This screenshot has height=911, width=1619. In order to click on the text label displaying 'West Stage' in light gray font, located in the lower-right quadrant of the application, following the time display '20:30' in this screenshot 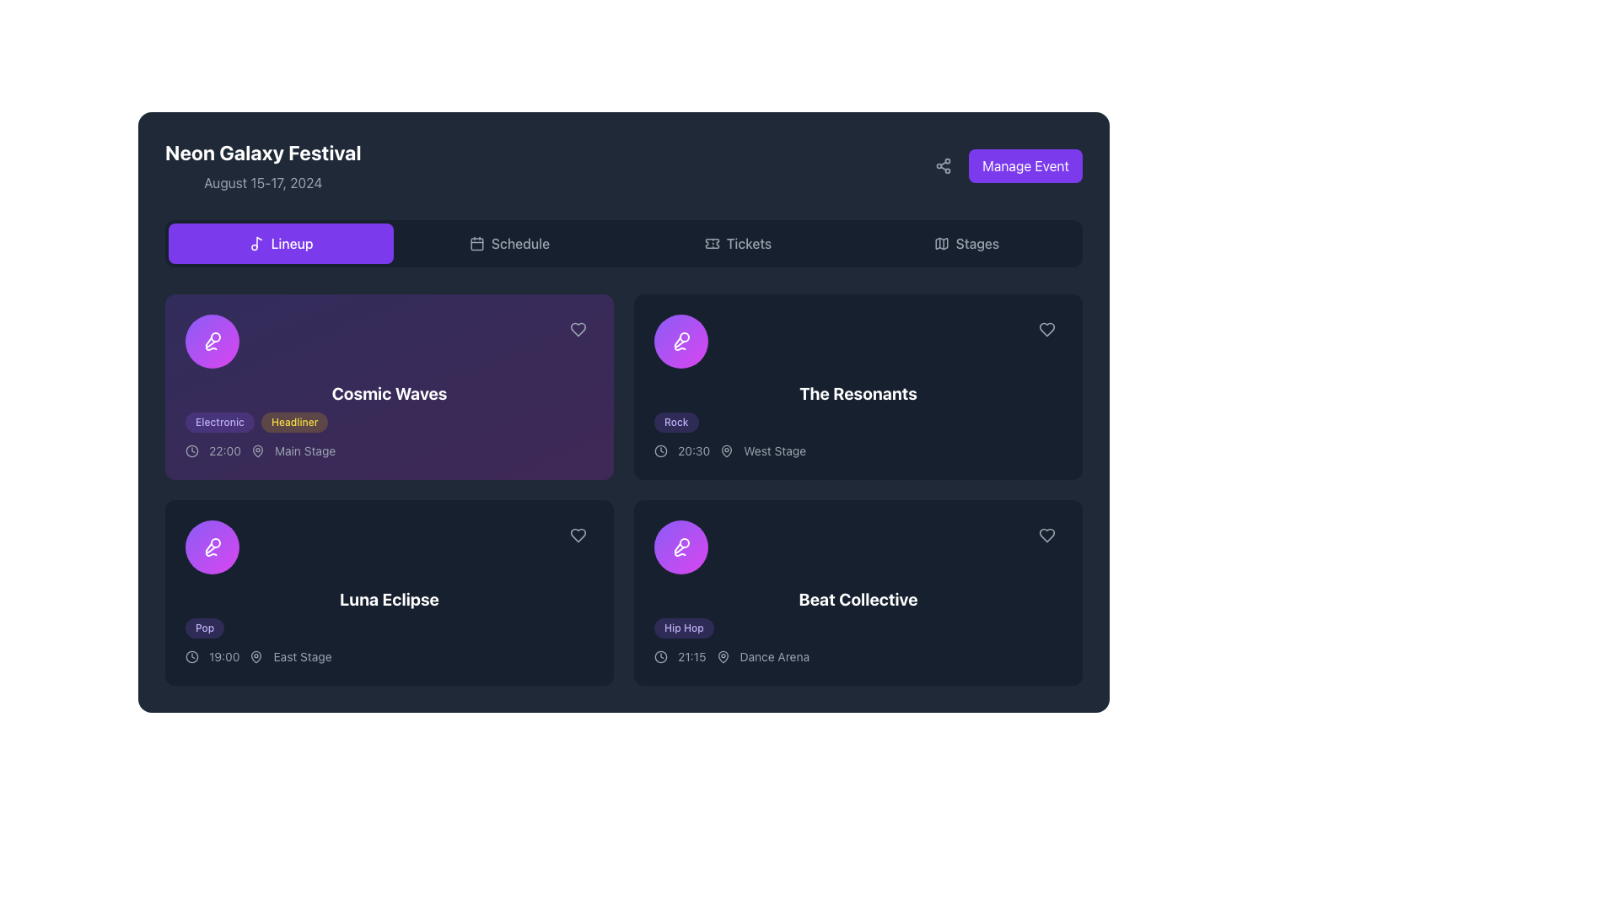, I will do `click(774, 450)`.